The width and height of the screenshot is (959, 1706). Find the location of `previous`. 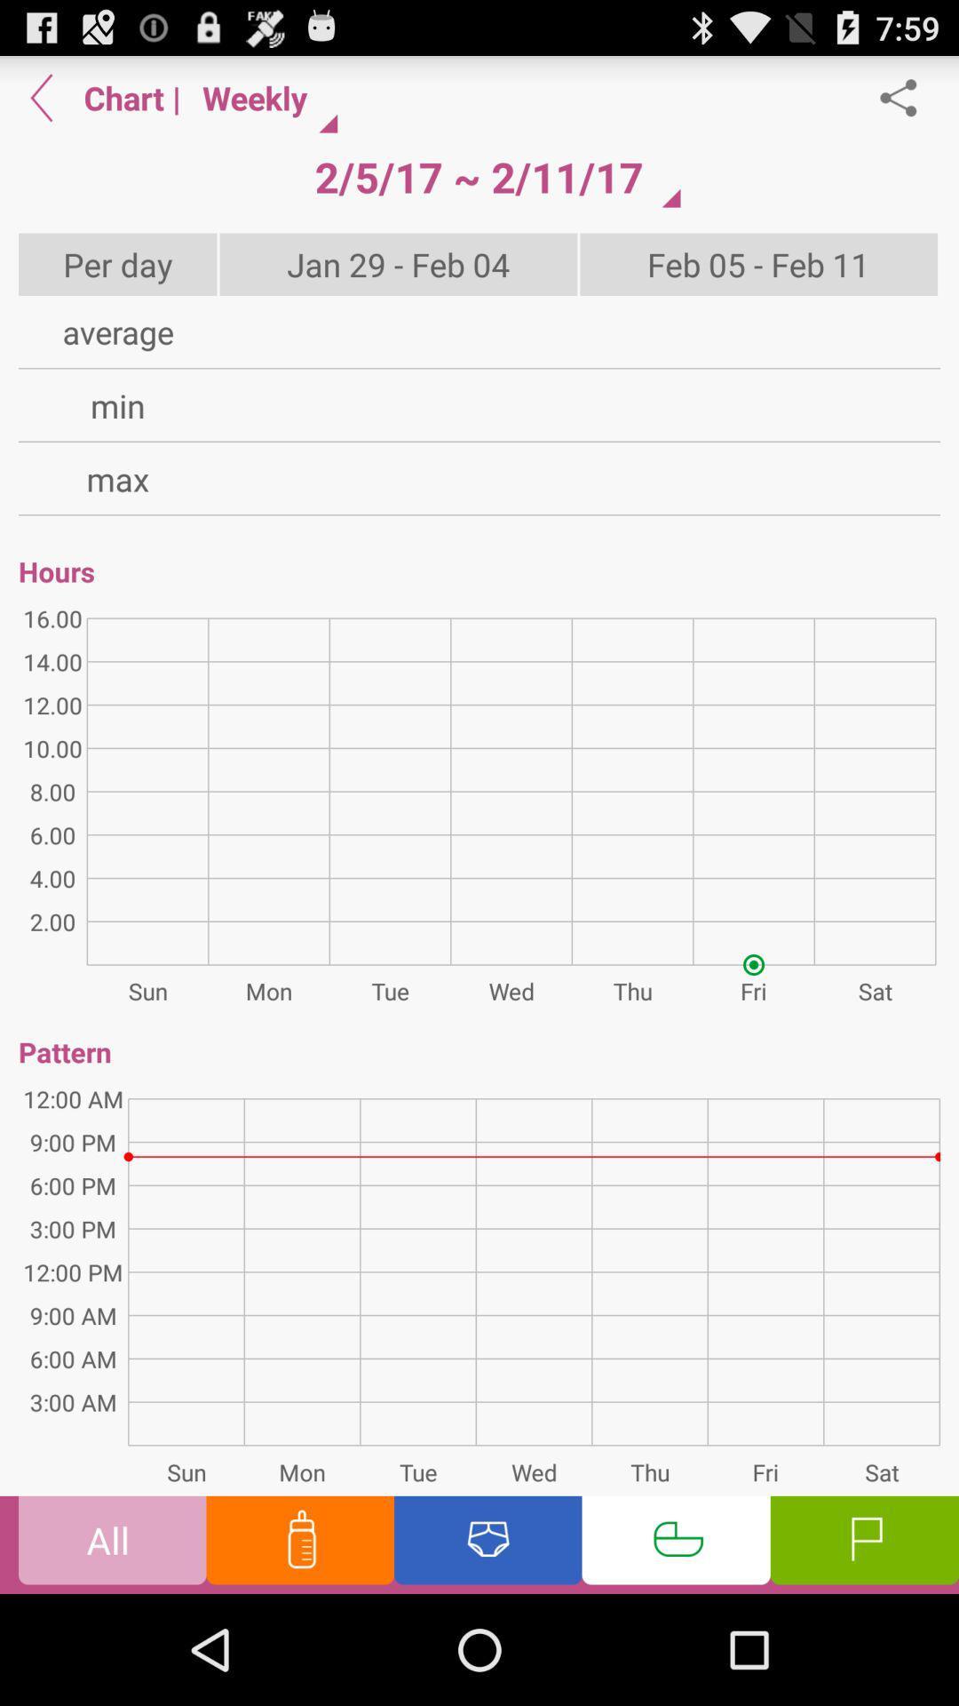

previous is located at coordinates (41, 97).